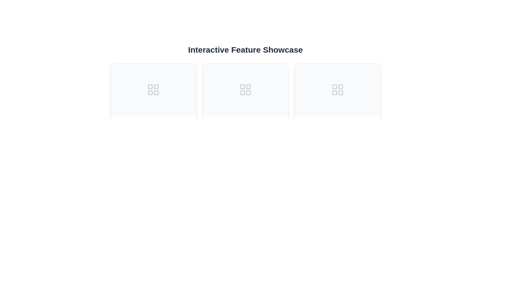 This screenshot has width=522, height=293. I want to click on the top-left square of the grid icon, which is part of the interactive feature showcase, so click(242, 87).